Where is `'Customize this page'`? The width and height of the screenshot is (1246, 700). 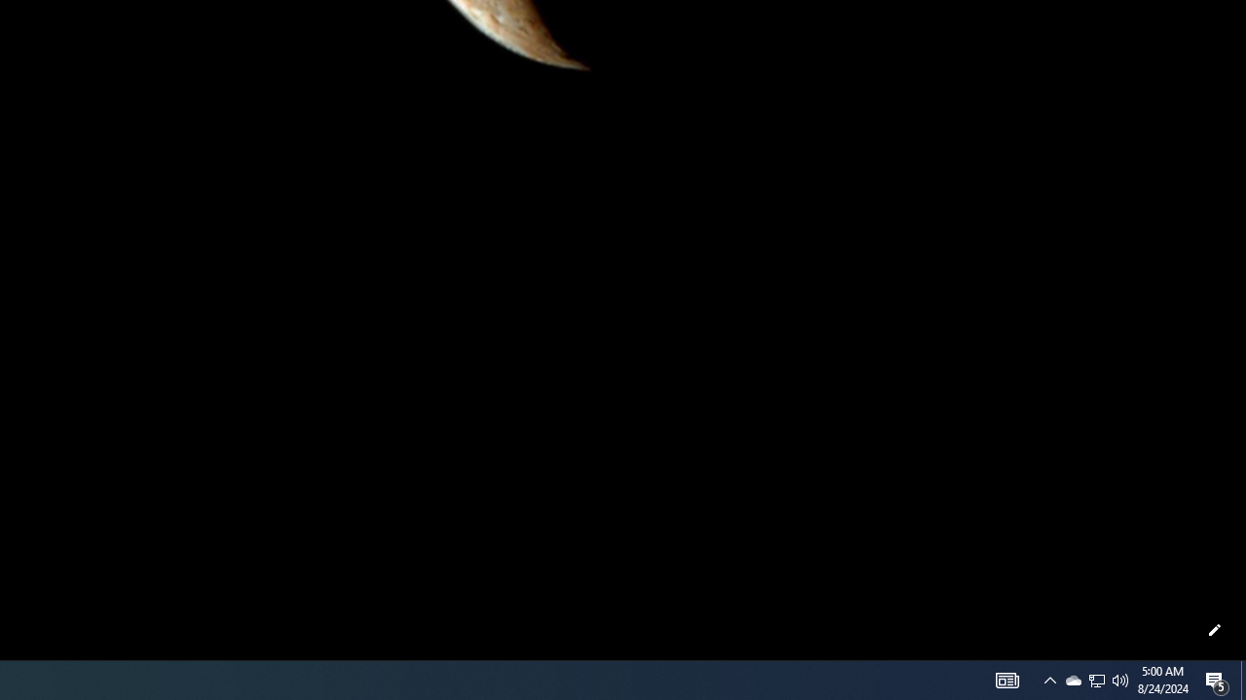
'Customize this page' is located at coordinates (1214, 630).